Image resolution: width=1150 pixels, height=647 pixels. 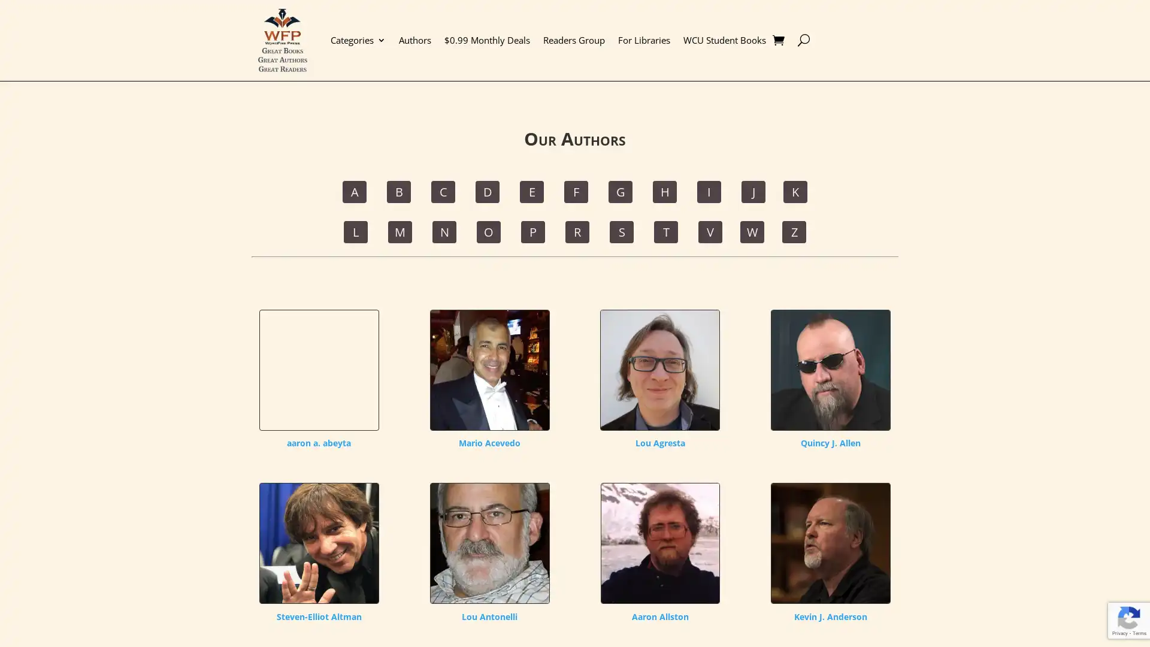 I want to click on J, so click(x=752, y=191).